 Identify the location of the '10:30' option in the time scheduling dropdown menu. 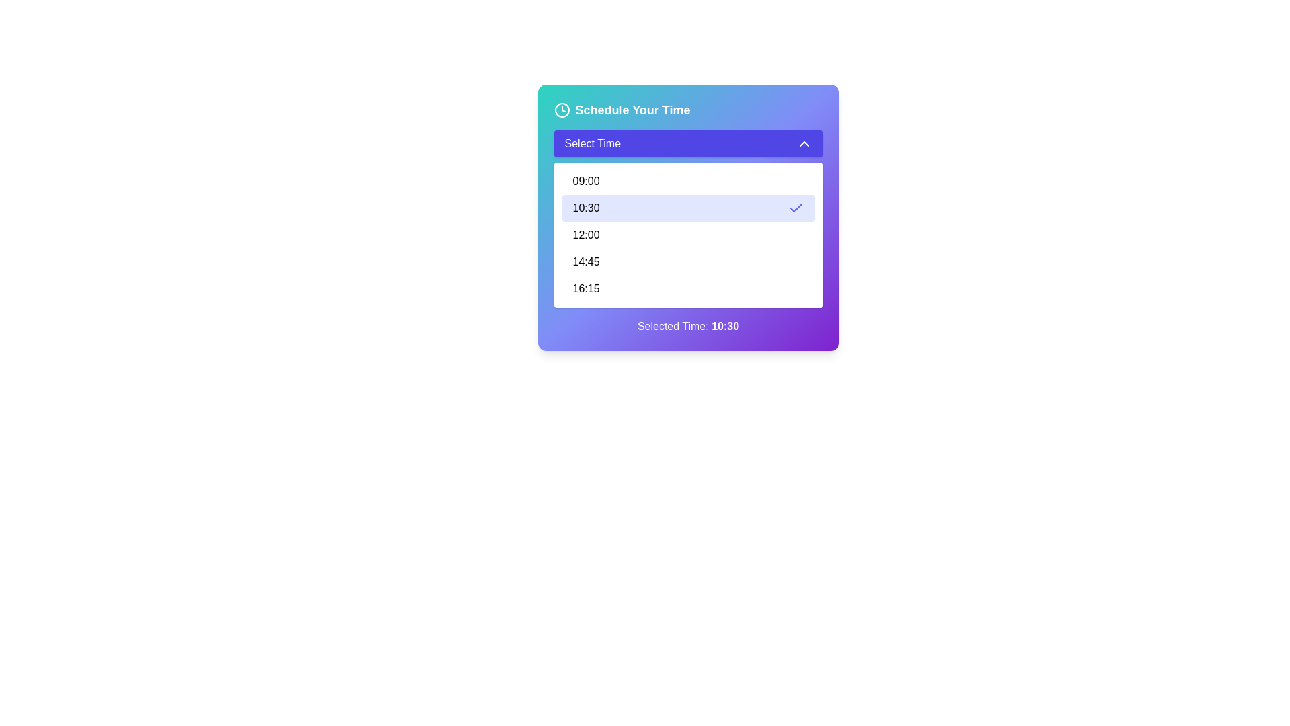
(688, 217).